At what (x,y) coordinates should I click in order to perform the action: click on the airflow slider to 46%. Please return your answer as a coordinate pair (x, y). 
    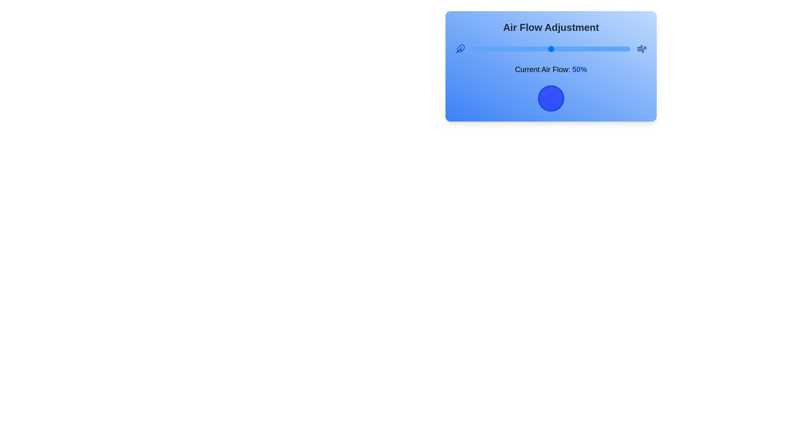
    Looking at the image, I should click on (544, 49).